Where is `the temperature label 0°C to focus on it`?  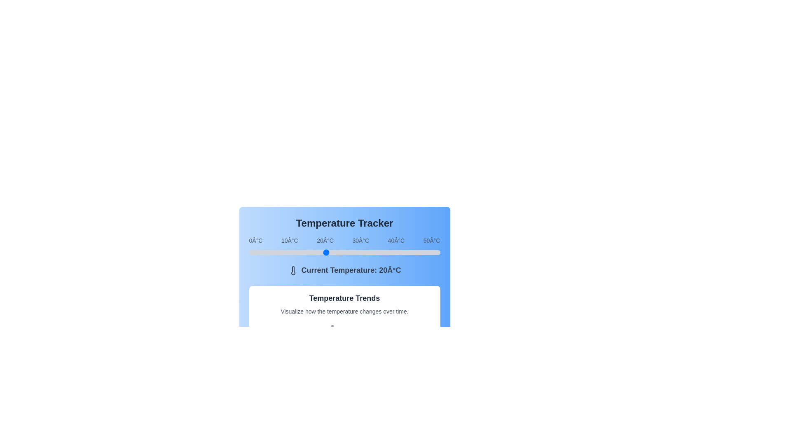
the temperature label 0°C to focus on it is located at coordinates (255, 240).